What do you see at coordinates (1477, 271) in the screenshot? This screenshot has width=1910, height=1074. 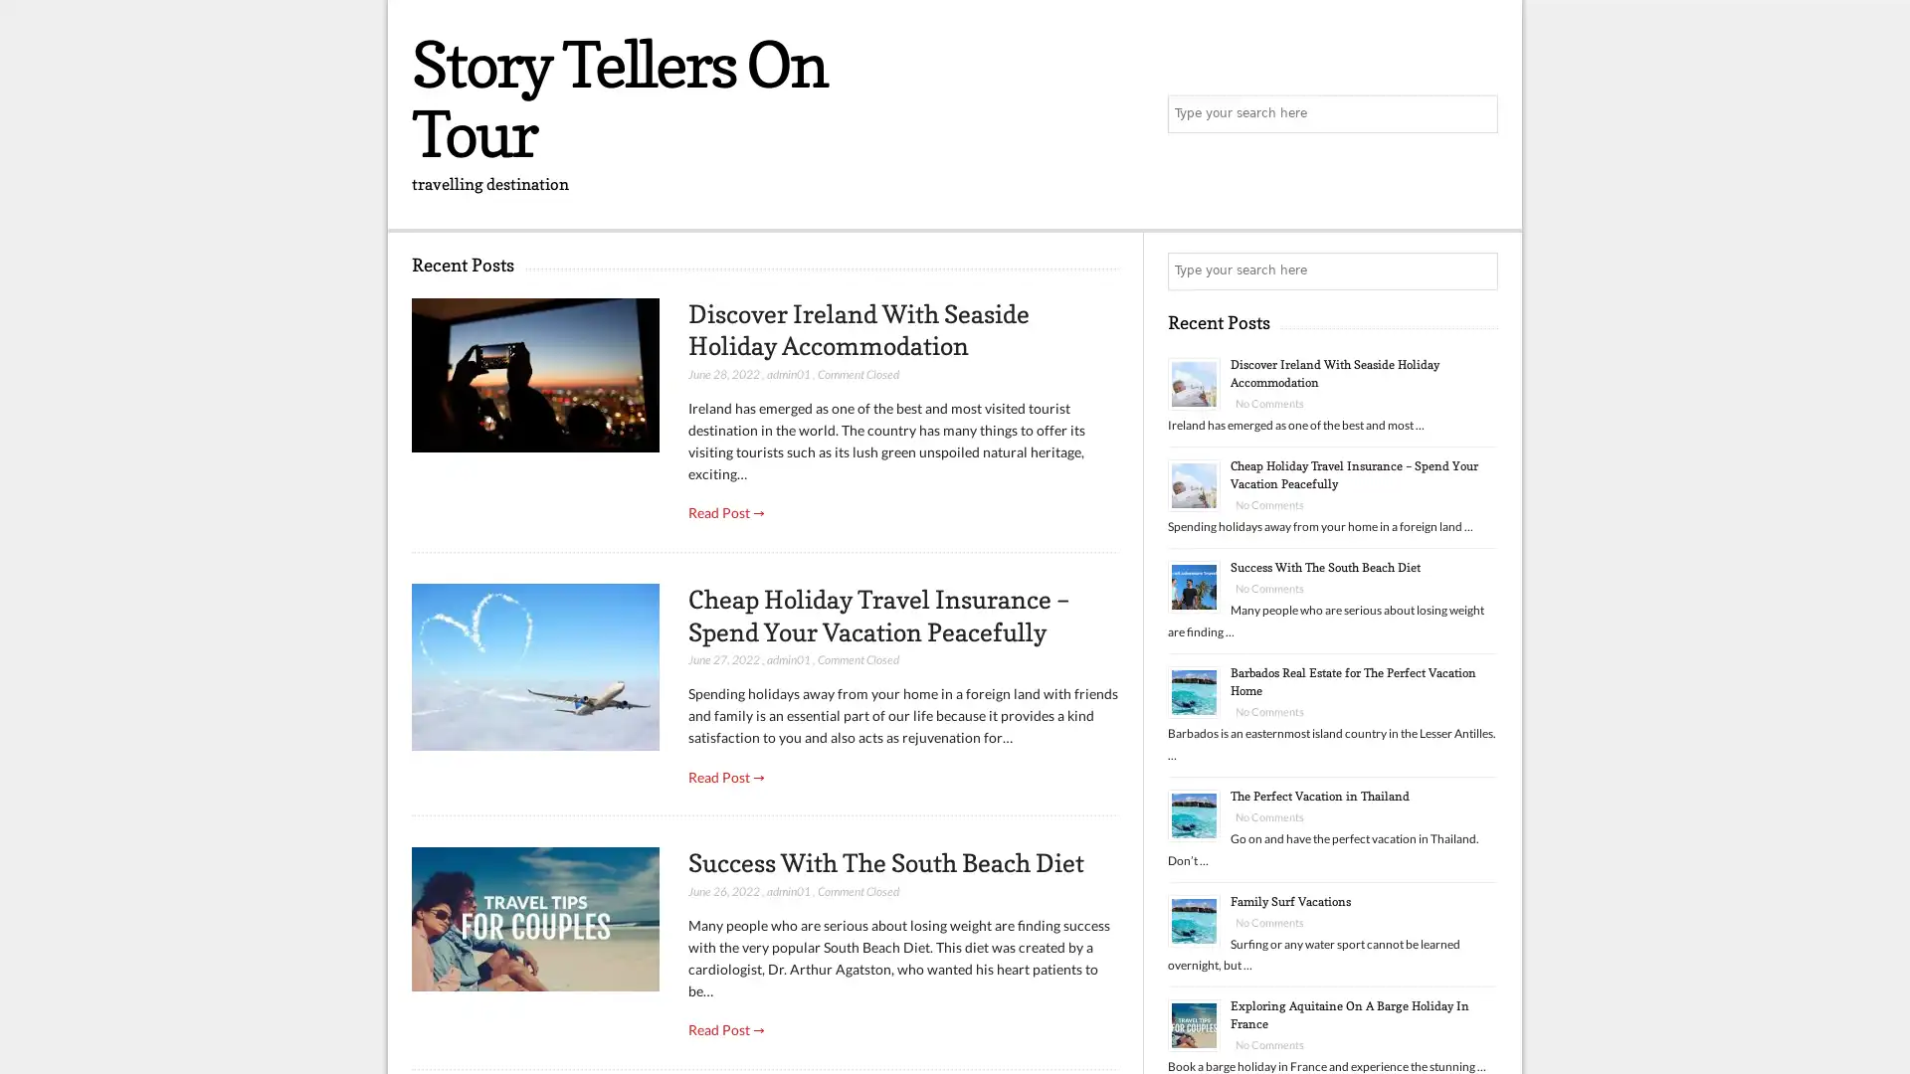 I see `Search` at bounding box center [1477, 271].